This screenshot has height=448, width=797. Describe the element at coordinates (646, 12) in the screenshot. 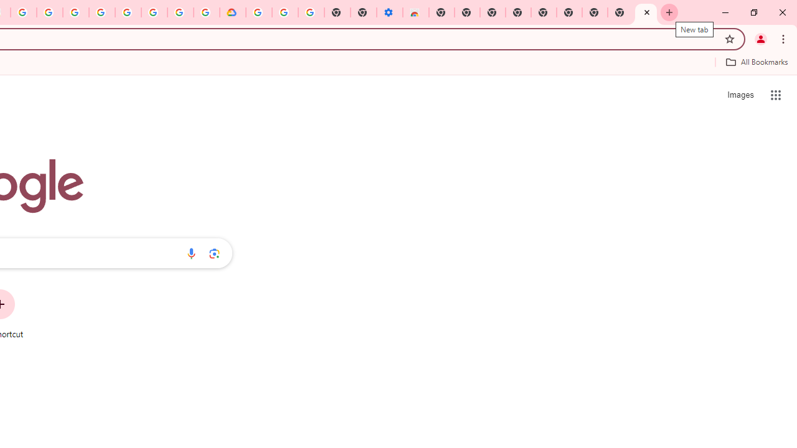

I see `'New Tab'` at that location.